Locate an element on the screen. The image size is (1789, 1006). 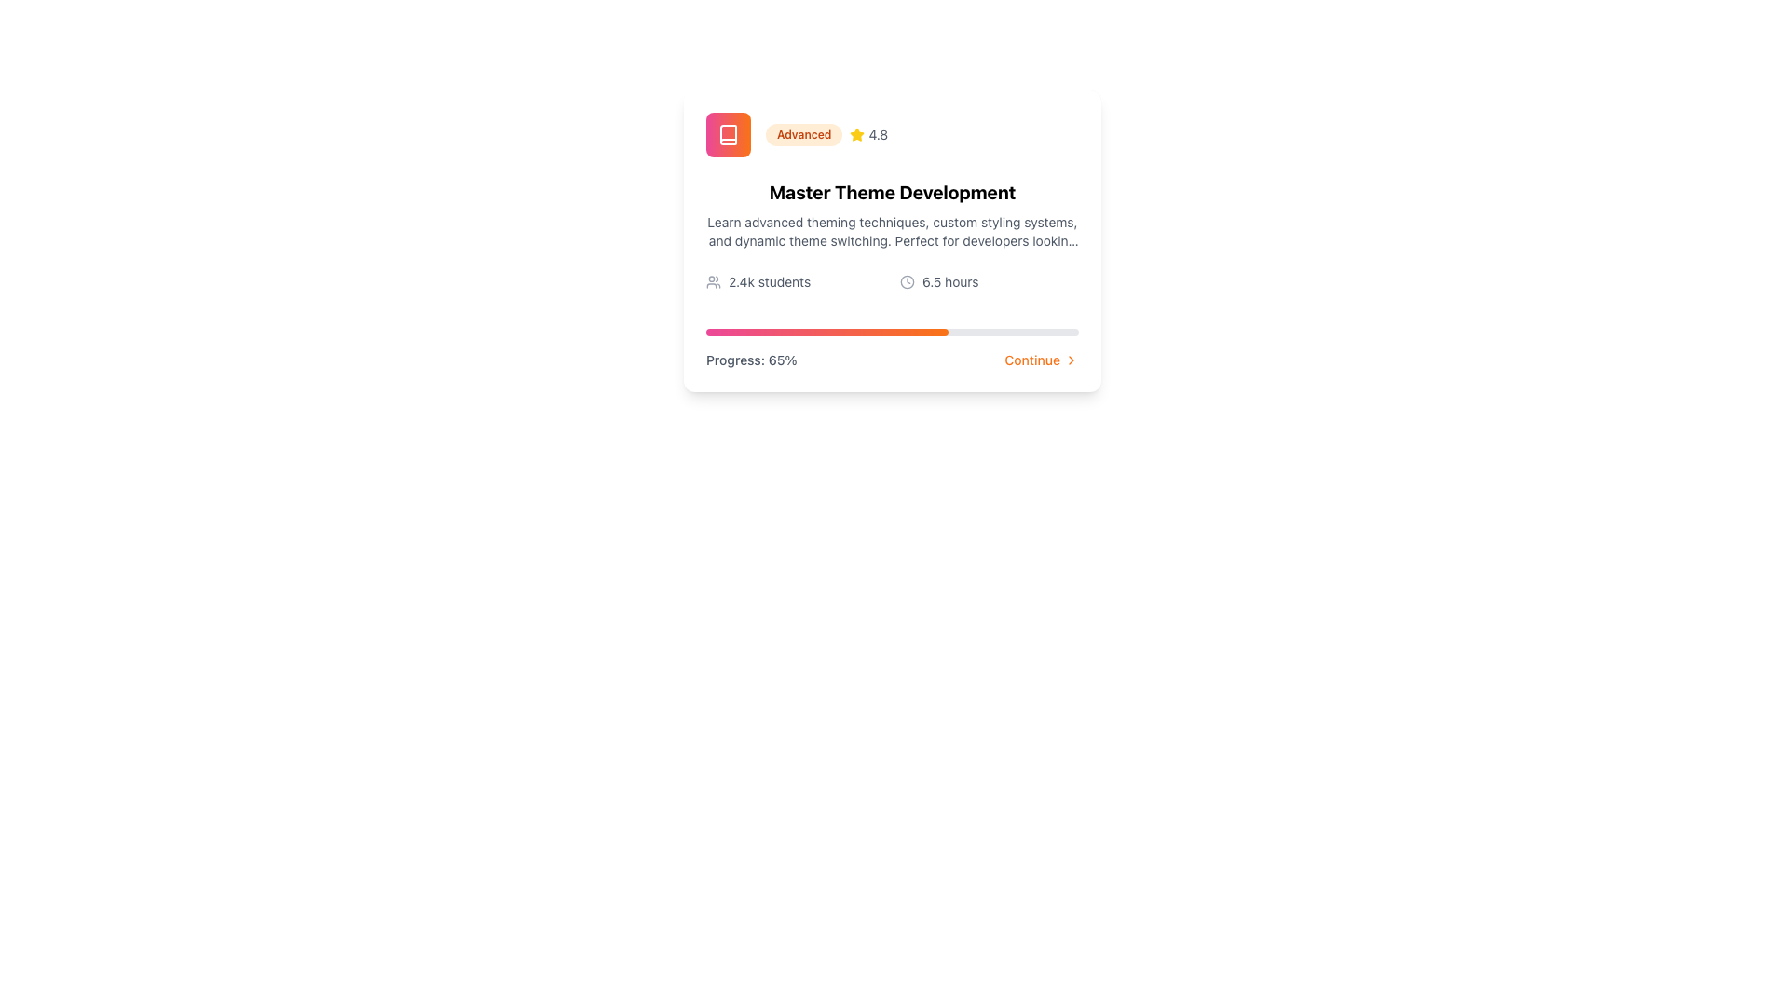
the navigational button located at the bottom-right of the card layout to proceed to the next section or page related to the course is located at coordinates (1041, 360).